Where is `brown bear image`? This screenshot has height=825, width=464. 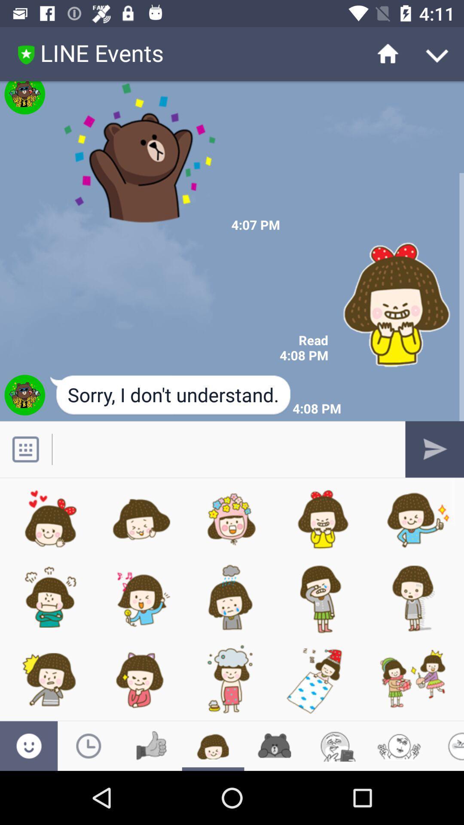 brown bear image is located at coordinates (140, 157).